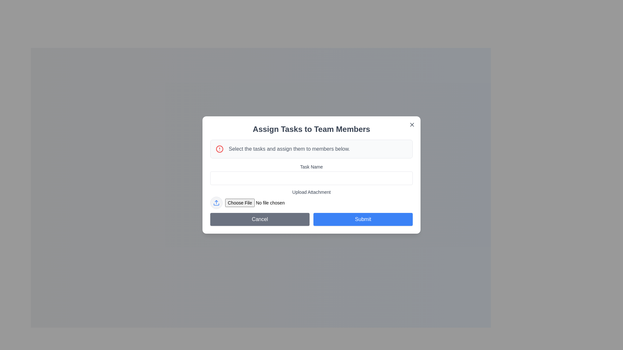  I want to click on the cancel button located at the bottom-left of the modal window to observe any hover effects, so click(260, 219).